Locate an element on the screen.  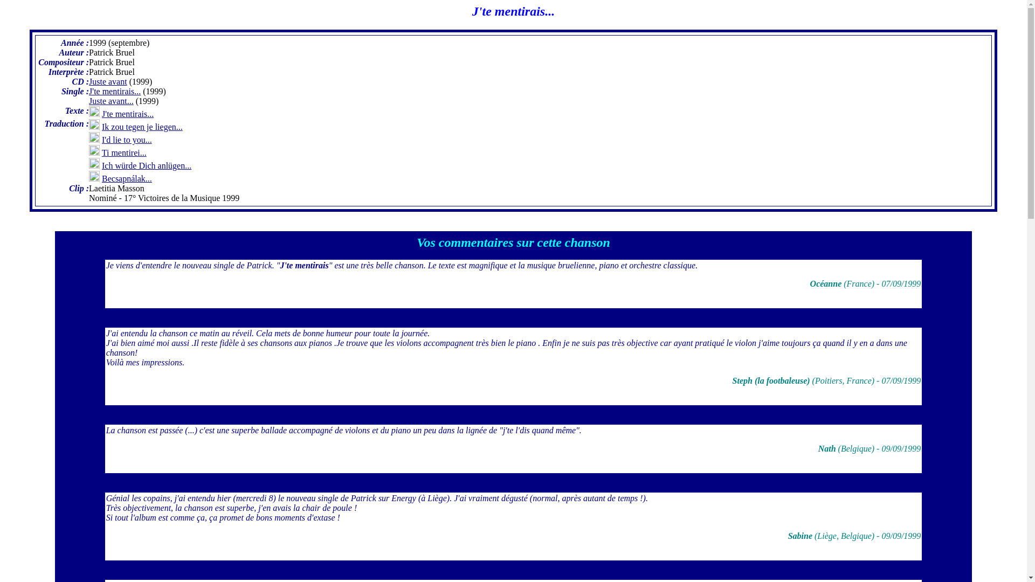
'Juste avant' is located at coordinates (108, 81).